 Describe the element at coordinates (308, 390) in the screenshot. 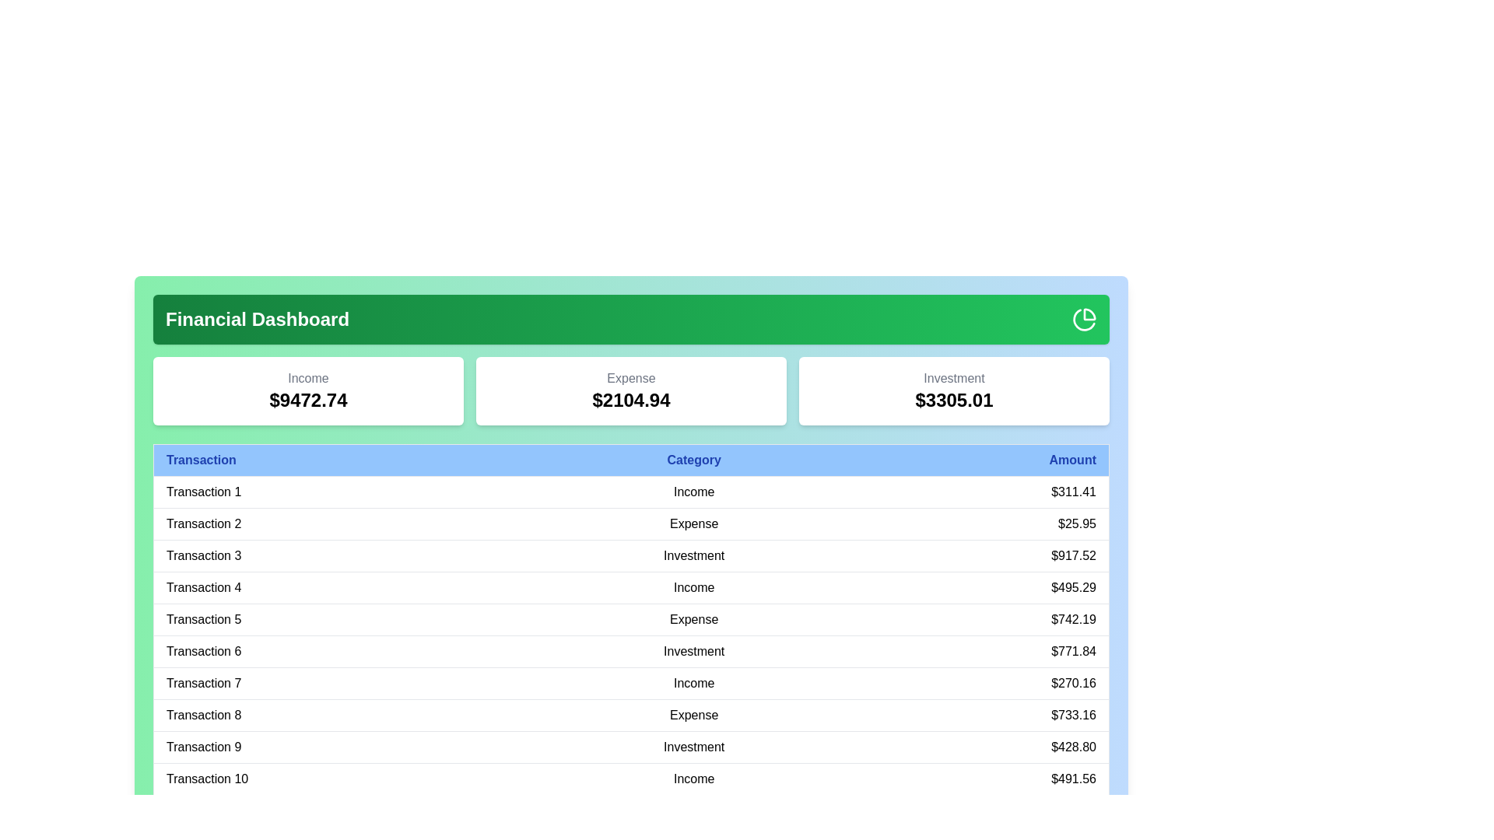

I see `the category total to view its tooltip` at that location.